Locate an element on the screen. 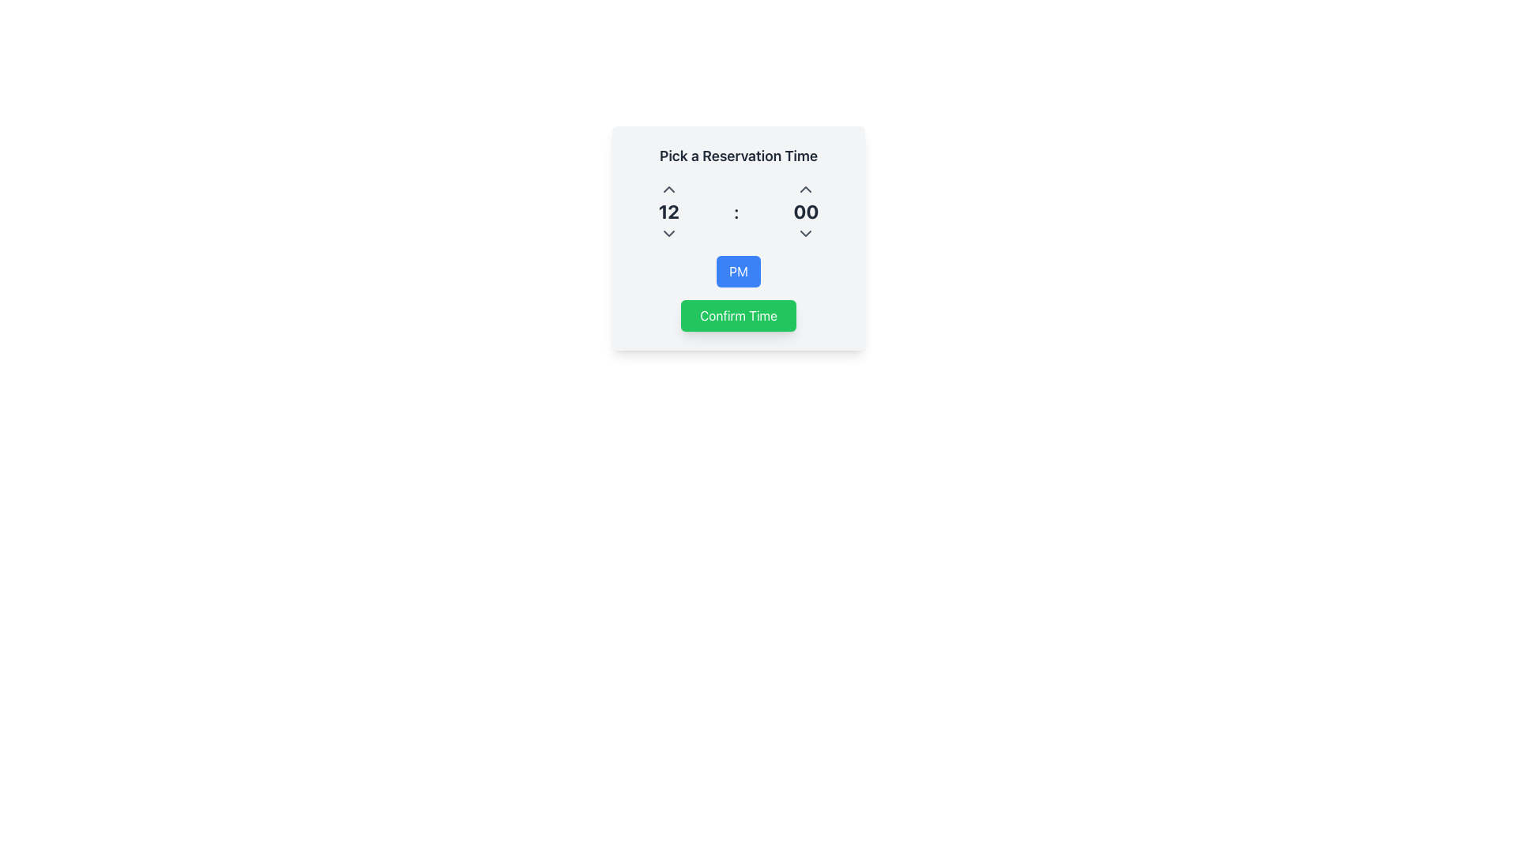  the toggle button located beneath the time selection components and above the 'Confirm Time' button in the 'Pick a Reservation Time' panel is located at coordinates (738, 270).